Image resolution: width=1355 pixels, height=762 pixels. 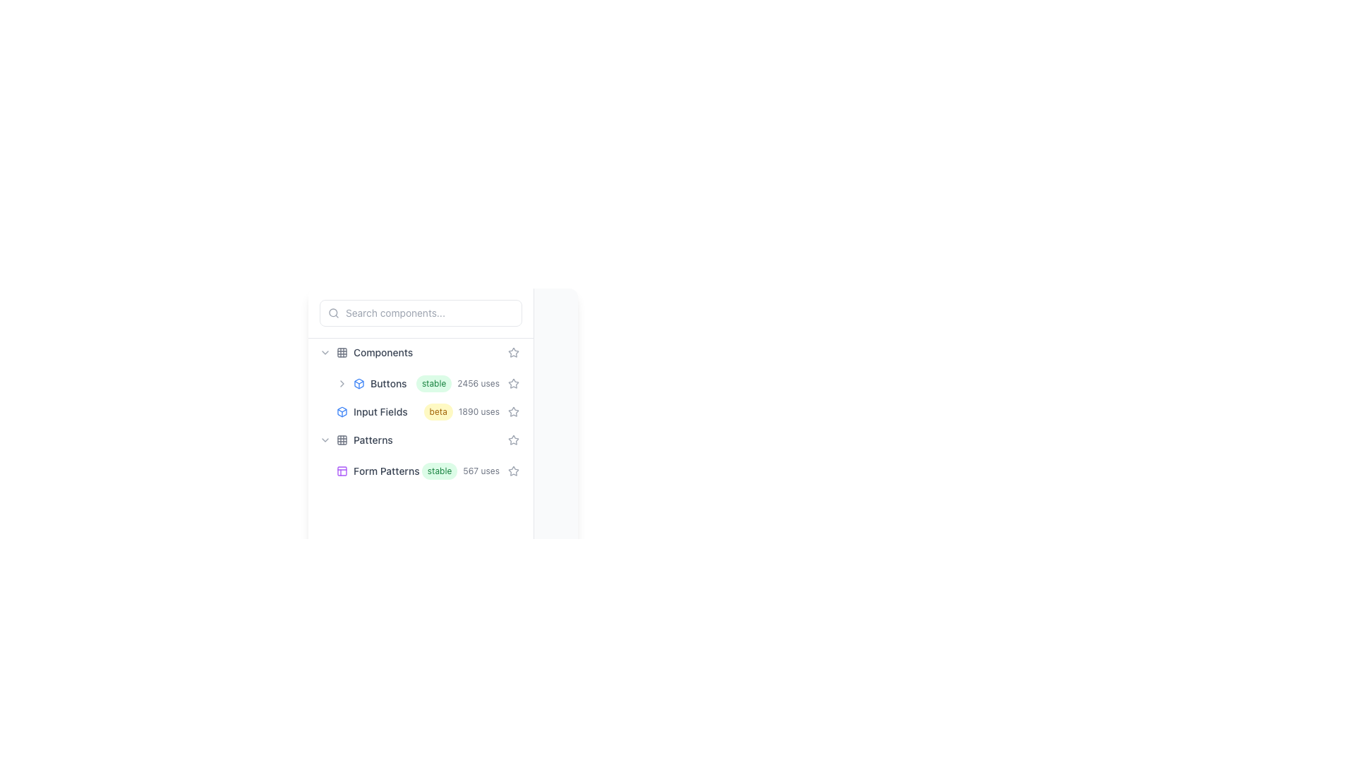 What do you see at coordinates (513, 383) in the screenshot?
I see `the star icon adjacent to the 'Buttons' label, which serves as a marker for user preferences or selections` at bounding box center [513, 383].